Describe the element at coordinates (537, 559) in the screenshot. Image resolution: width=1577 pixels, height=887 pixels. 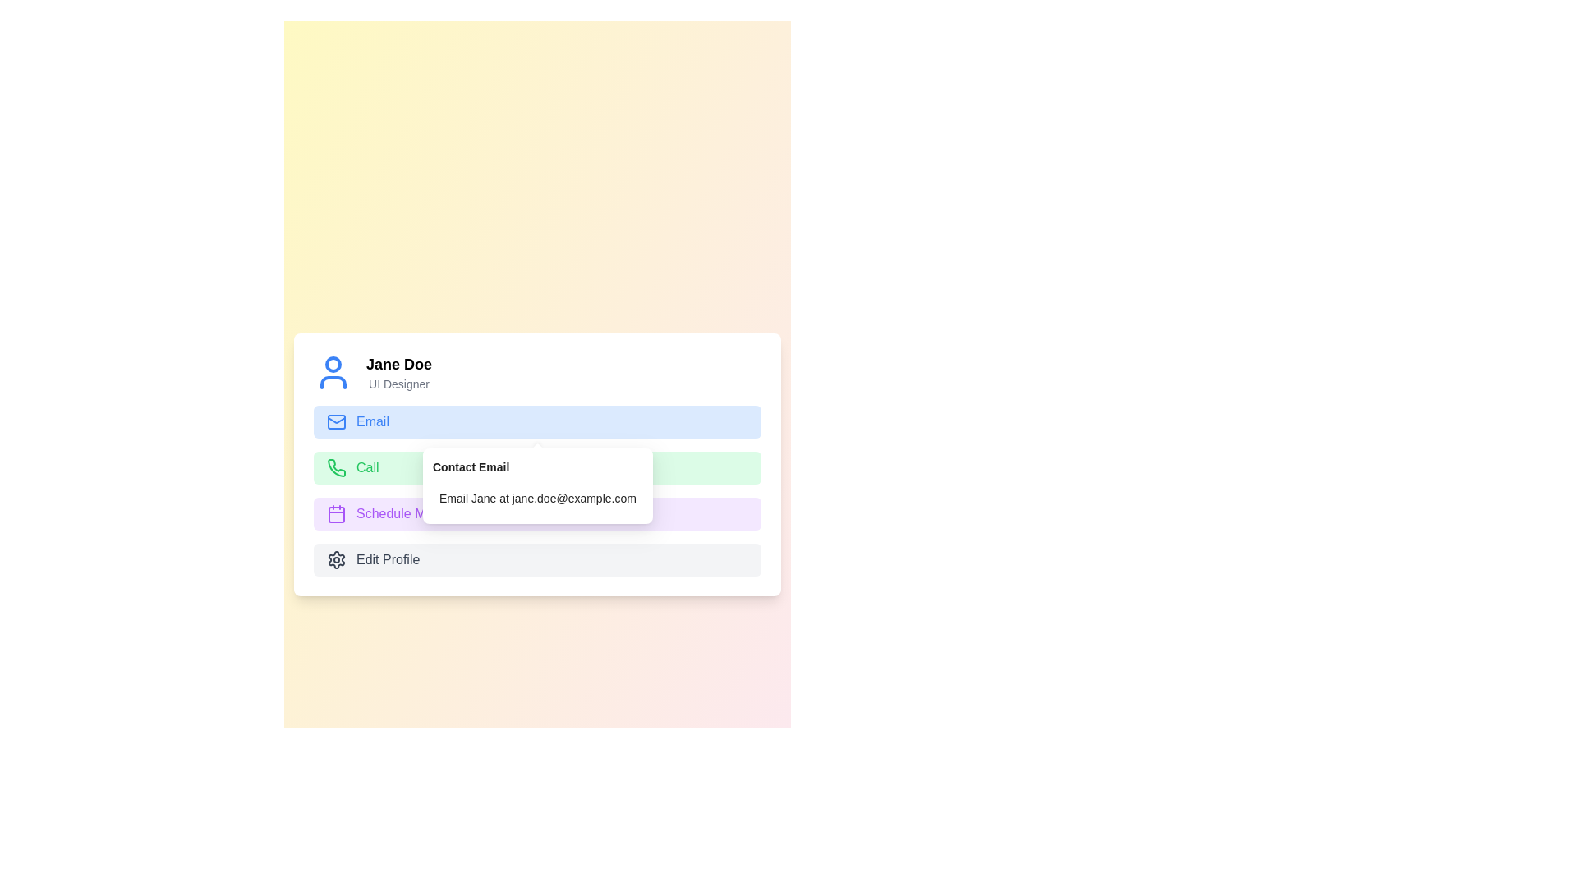
I see `the profile editing button located below the 'Schedule Meeting' button in the stacked form layout` at that location.